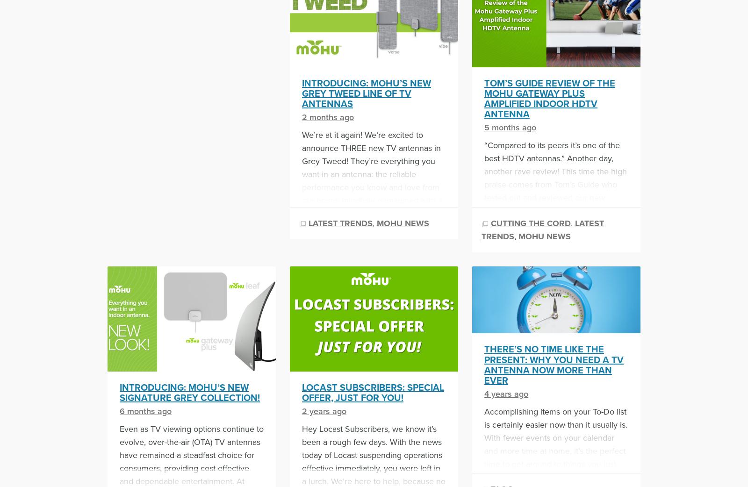 Image resolution: width=748 pixels, height=487 pixels. I want to click on '2 months ago', so click(328, 116).